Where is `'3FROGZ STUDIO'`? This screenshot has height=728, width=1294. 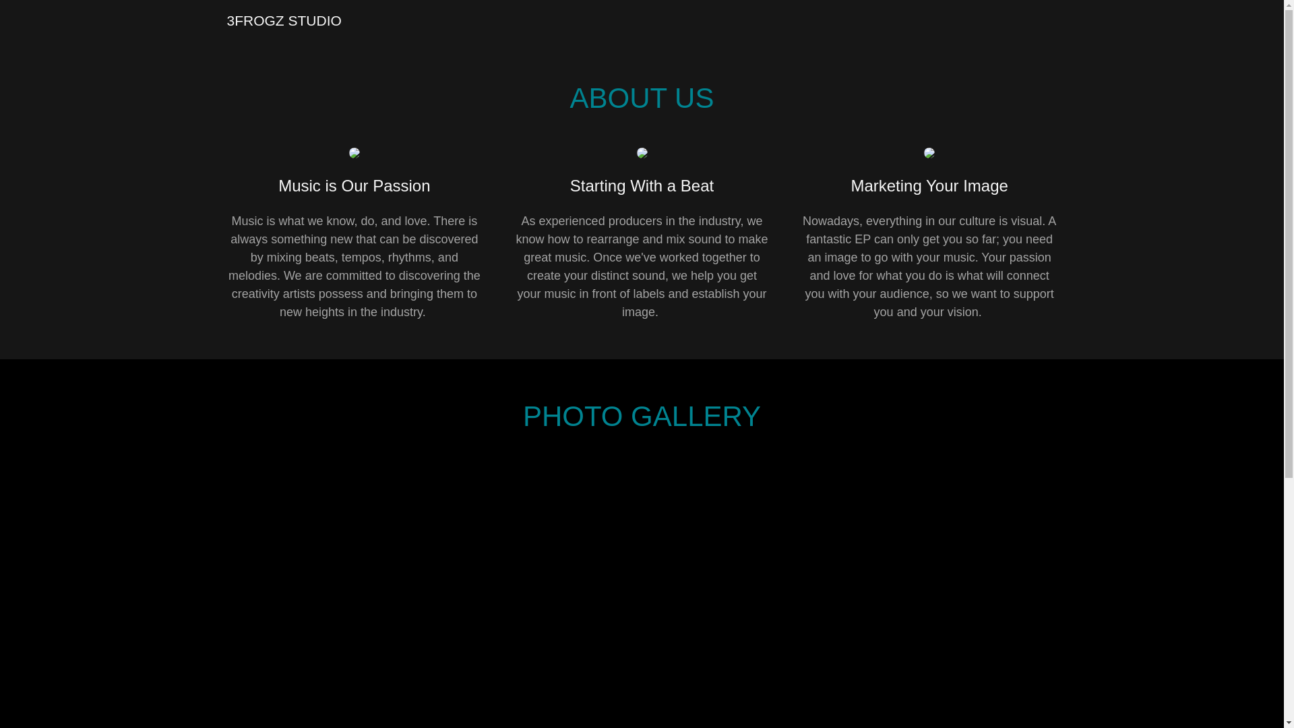 '3FROGZ STUDIO' is located at coordinates (283, 21).